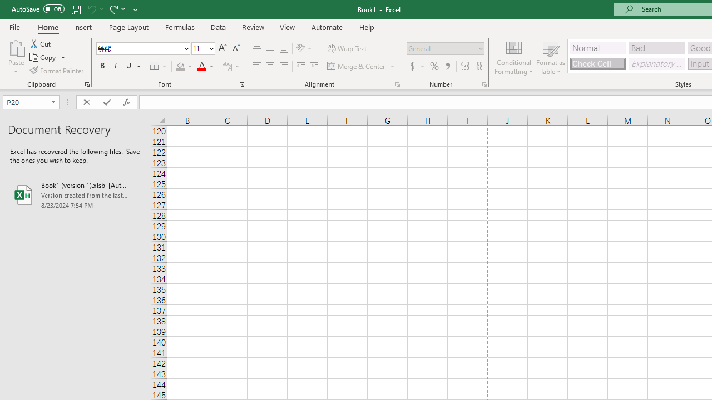 This screenshot has height=400, width=712. What do you see at coordinates (397, 83) in the screenshot?
I see `'Format Cell Alignment'` at bounding box center [397, 83].